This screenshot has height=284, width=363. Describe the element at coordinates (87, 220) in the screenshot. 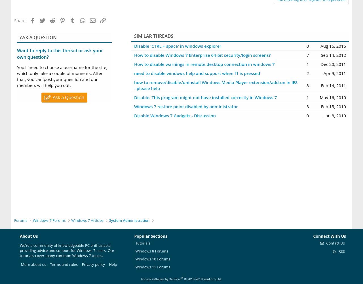

I see `'Windows 7 Articles'` at that location.